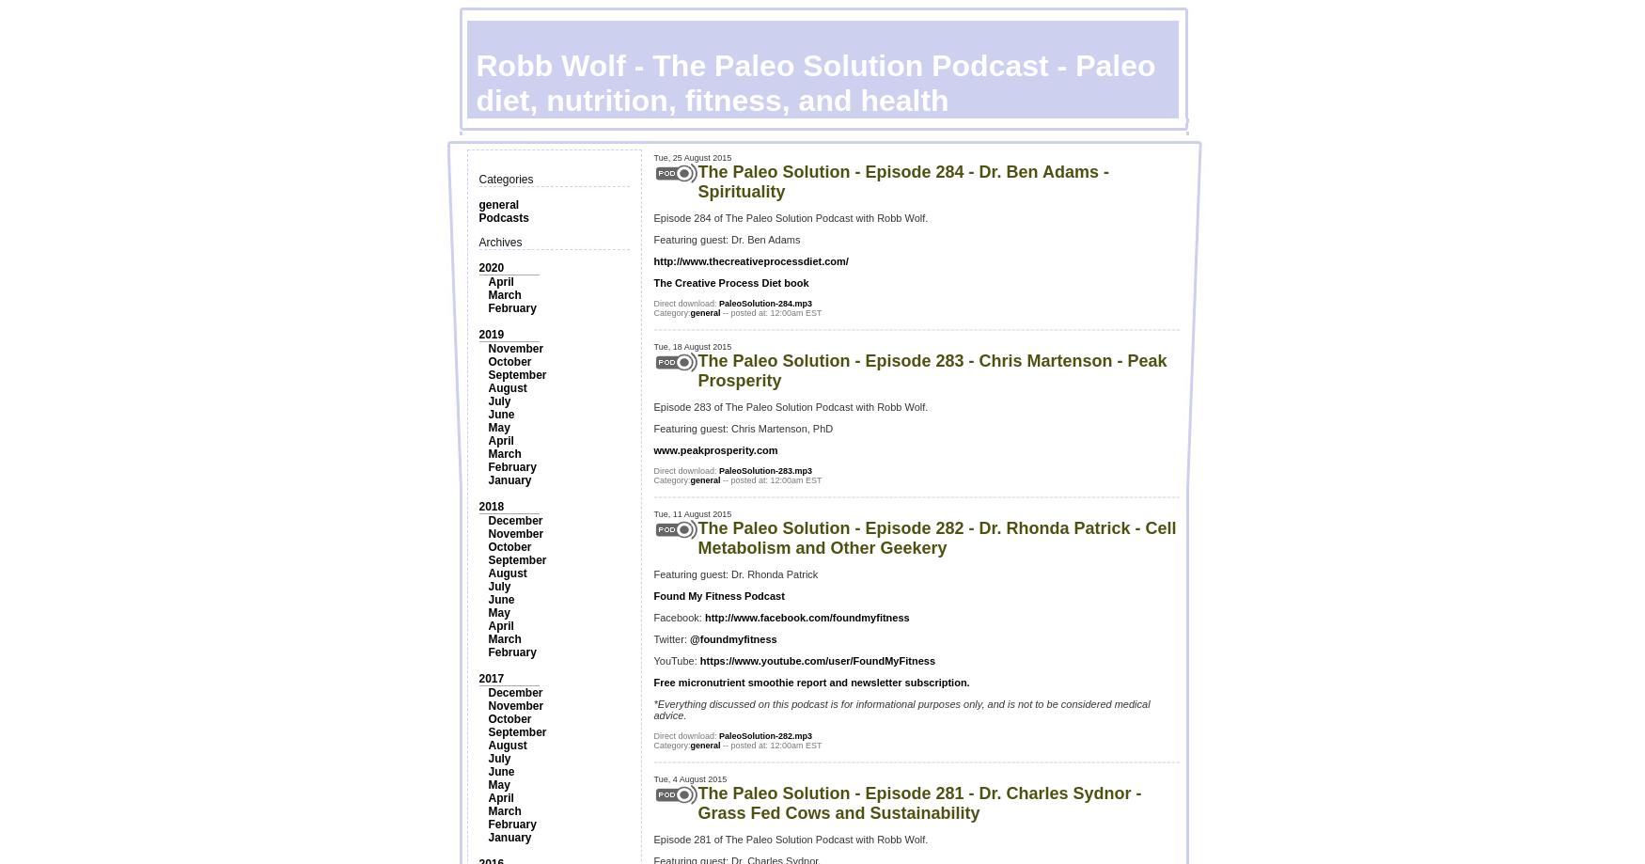 The width and height of the screenshot is (1645, 864). Describe the element at coordinates (765, 735) in the screenshot. I see `'PaleoSolution-282.mp3'` at that location.